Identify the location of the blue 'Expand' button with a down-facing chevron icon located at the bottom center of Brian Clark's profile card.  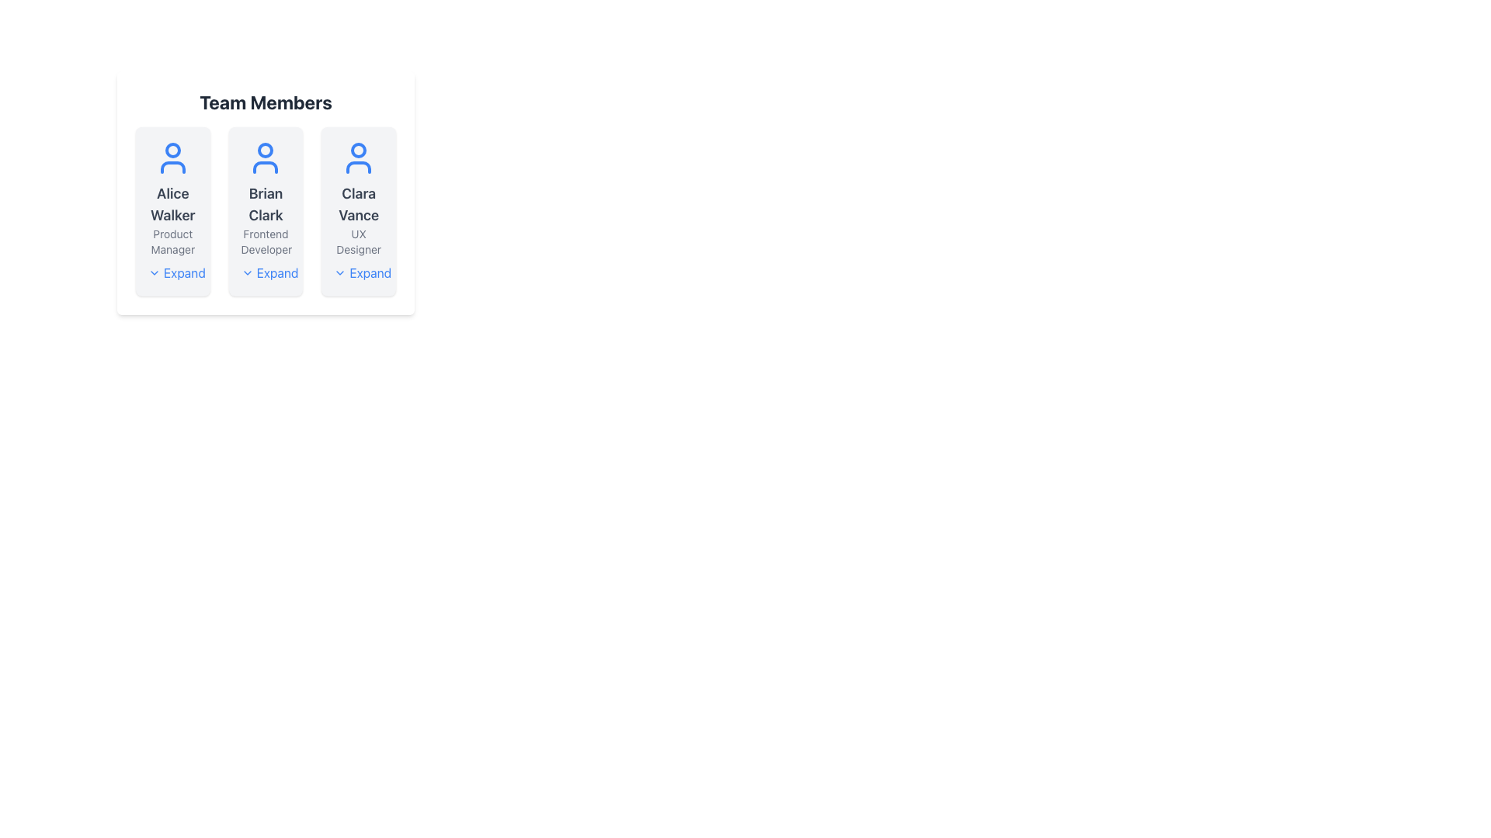
(269, 272).